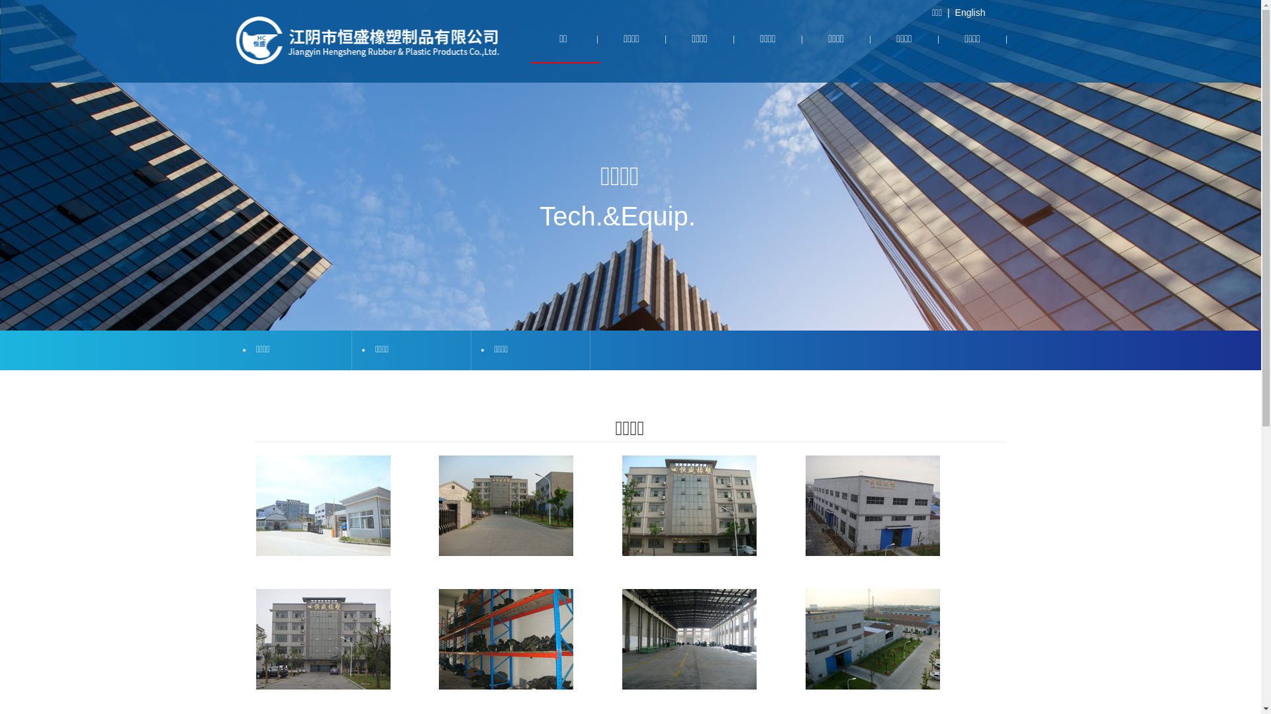 The width and height of the screenshot is (1271, 714). I want to click on 'English', so click(970, 13).